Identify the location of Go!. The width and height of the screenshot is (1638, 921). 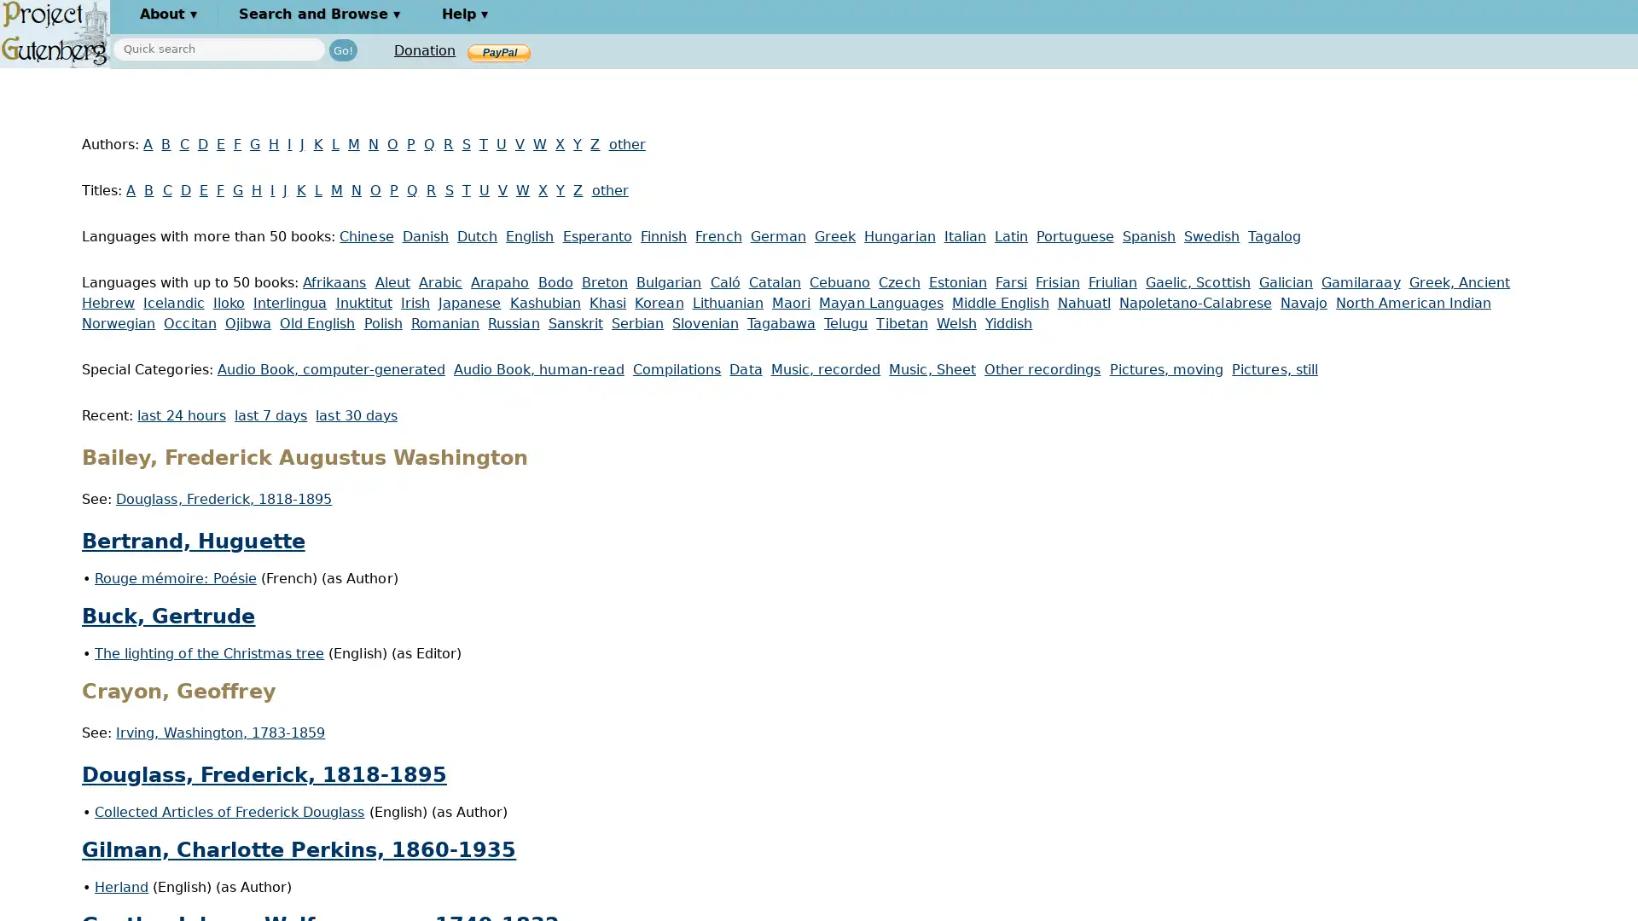
(342, 49).